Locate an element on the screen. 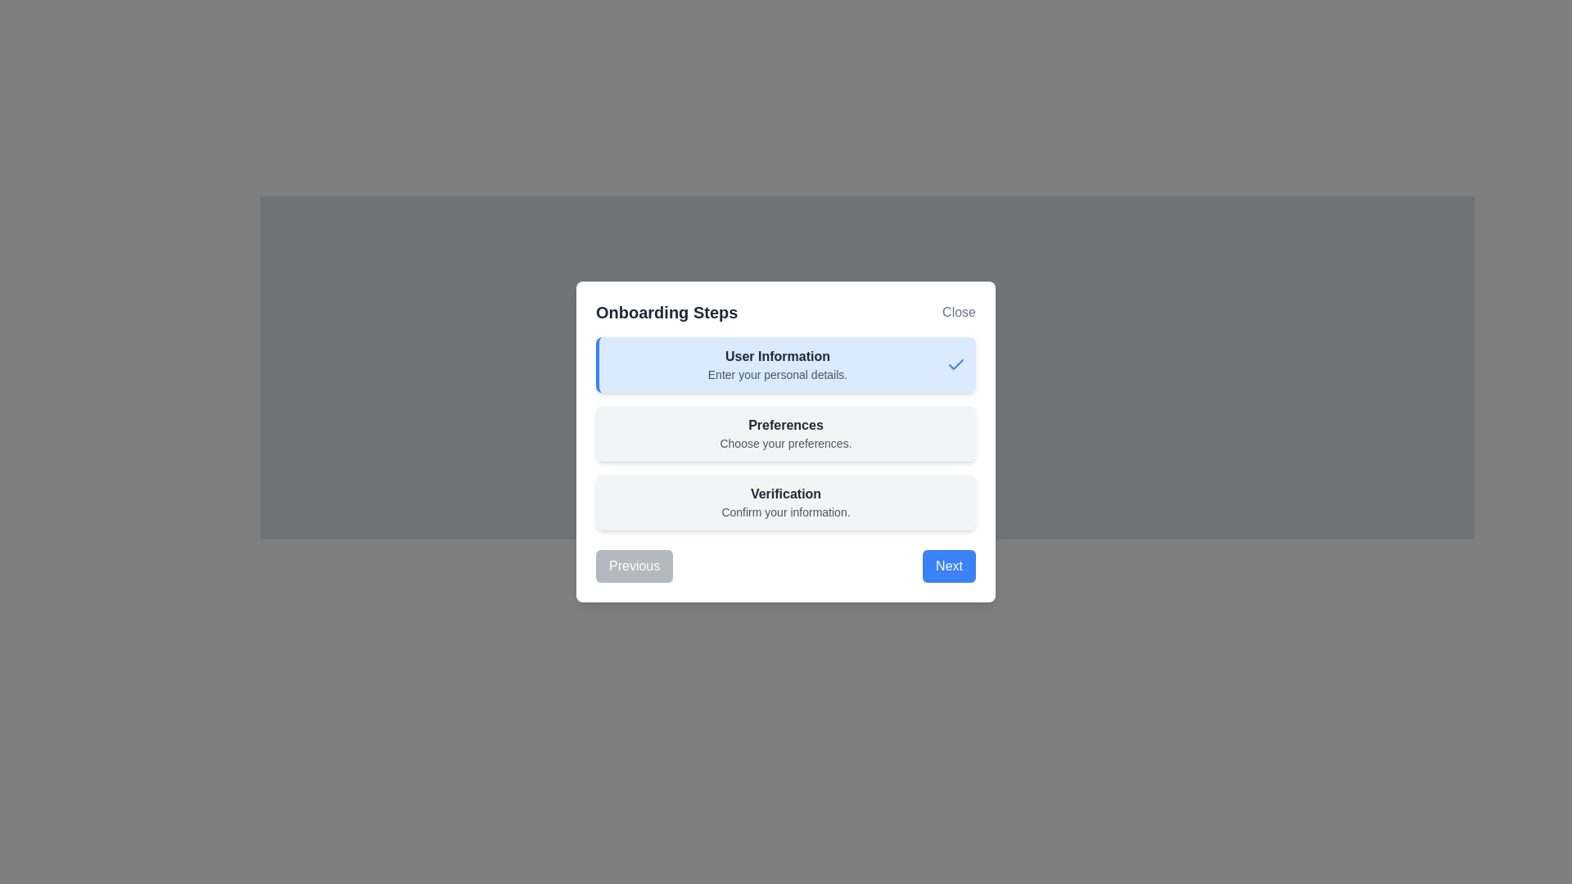 Image resolution: width=1572 pixels, height=884 pixels. the 'Previous' button, which is a rectangular button with rounded corners displaying white text on a gray background, located at the bottom left of the modal dialog is located at coordinates (634, 565).